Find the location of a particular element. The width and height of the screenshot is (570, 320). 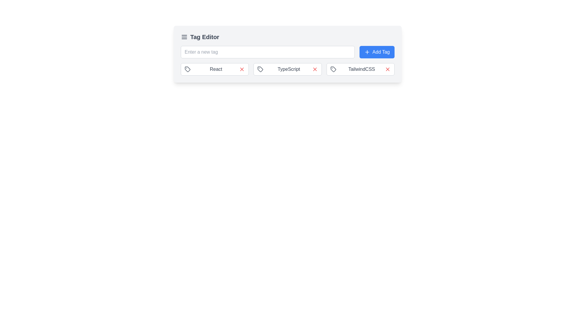

the Tag element labeled 'TailwindCSS' with a close button, which features a light gray border, a white background, and a small red 'X' icon on the right is located at coordinates (360, 69).